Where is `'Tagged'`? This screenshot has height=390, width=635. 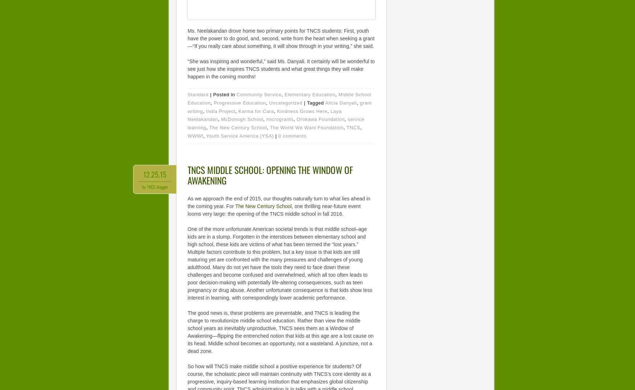 'Tagged' is located at coordinates (316, 102).